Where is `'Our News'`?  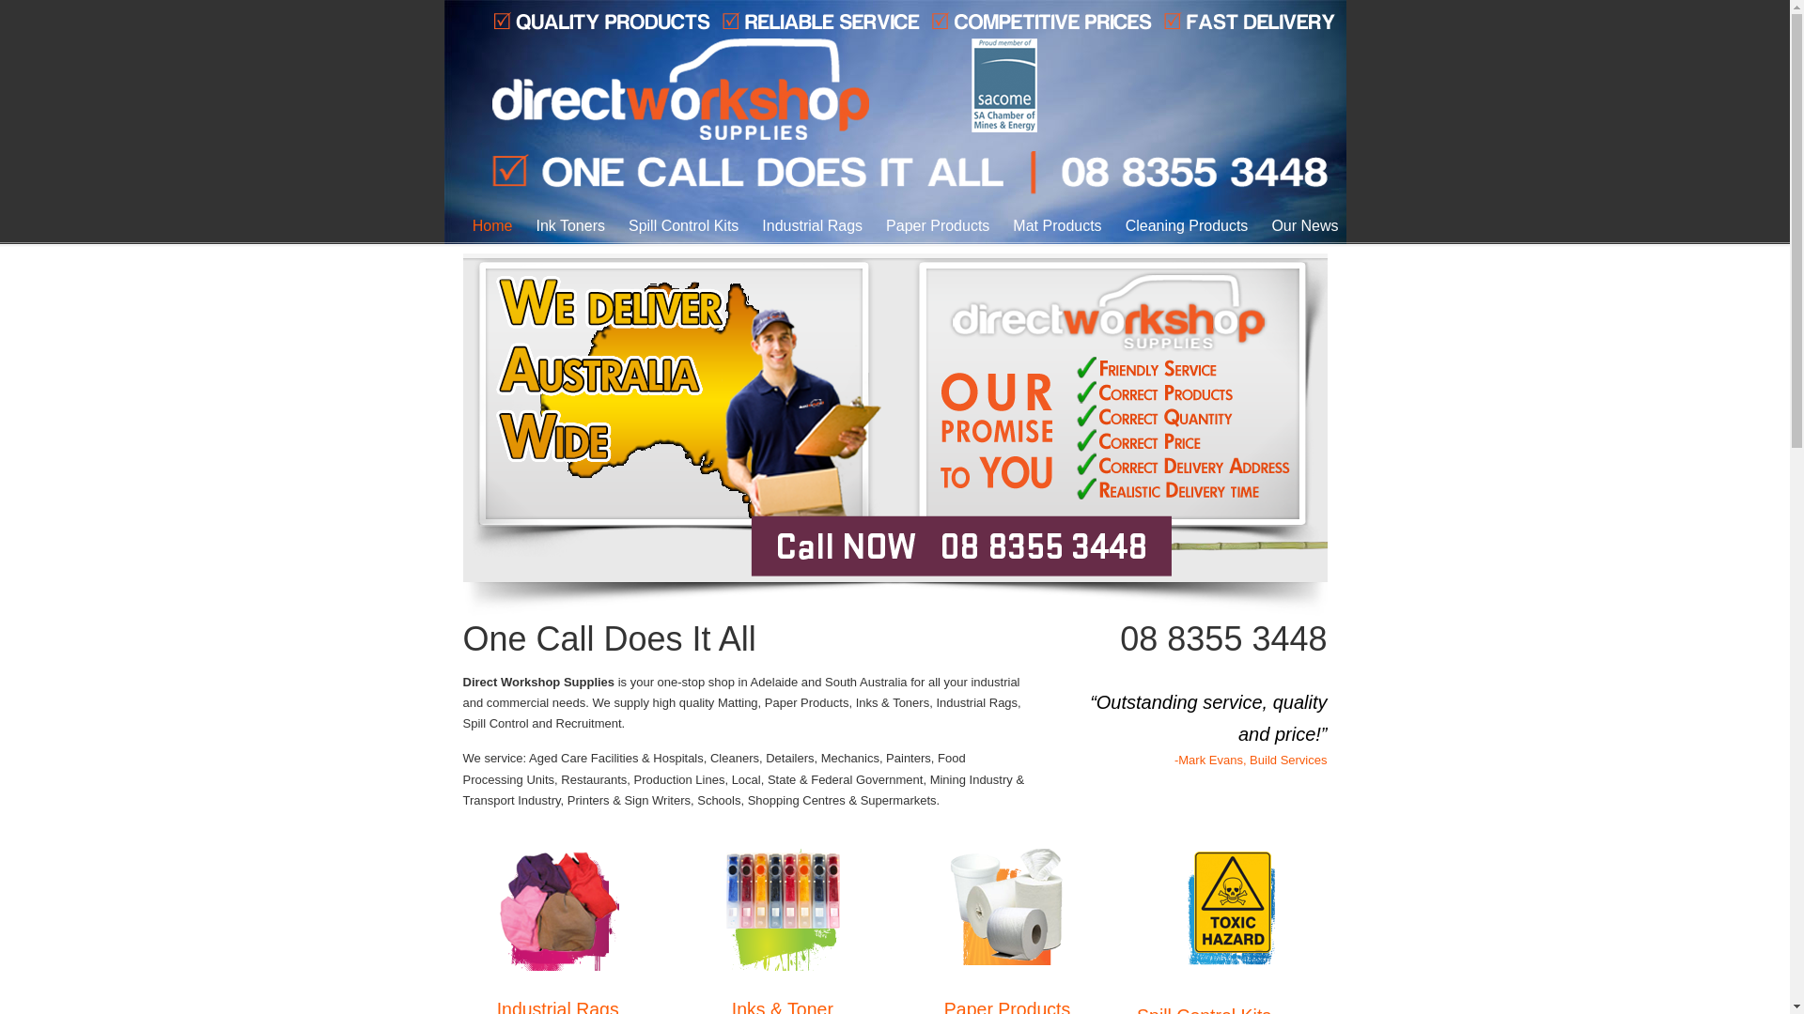 'Our News' is located at coordinates (1298, 224).